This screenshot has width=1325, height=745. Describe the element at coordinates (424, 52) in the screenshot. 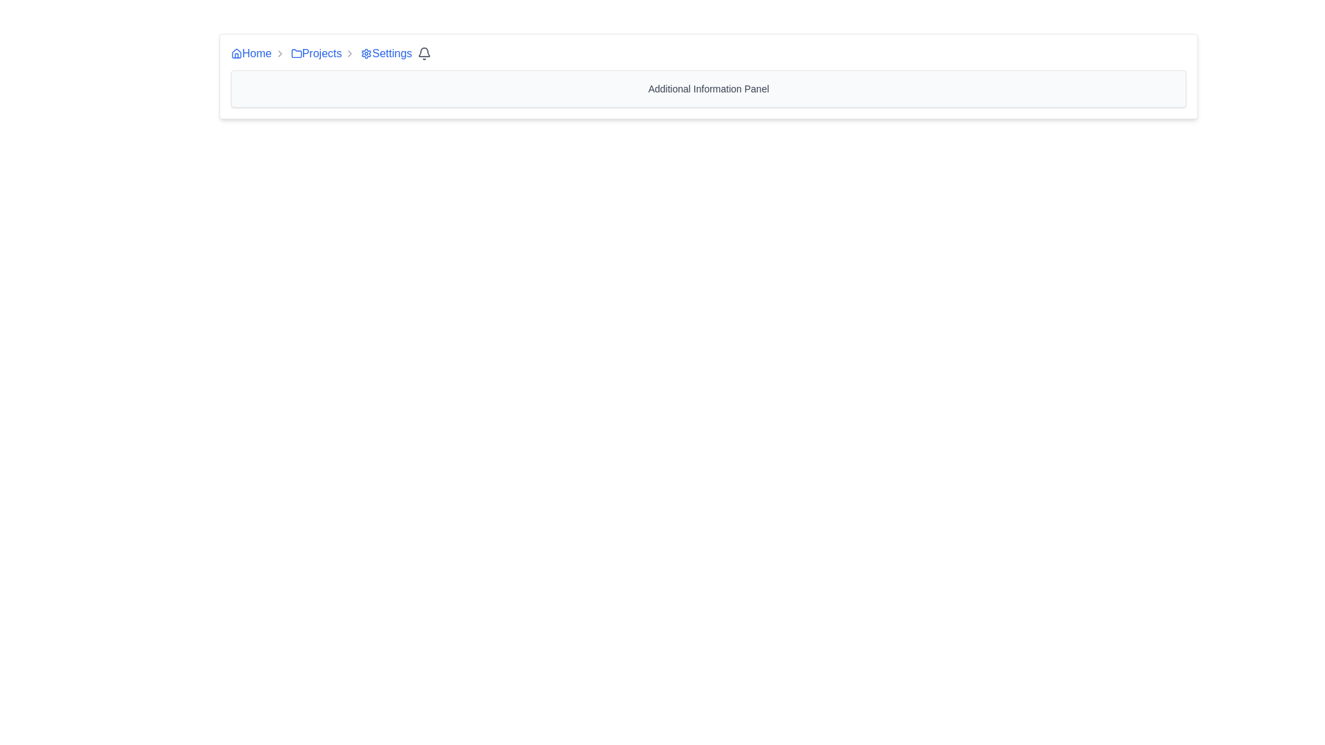

I see `the notification icon located at the far right of the top navigation bar` at that location.